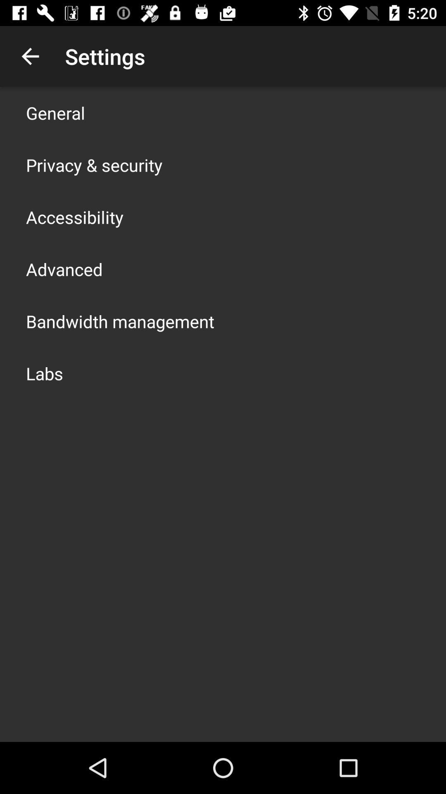 The width and height of the screenshot is (446, 794). What do you see at coordinates (94, 165) in the screenshot?
I see `the privacy & security icon` at bounding box center [94, 165].